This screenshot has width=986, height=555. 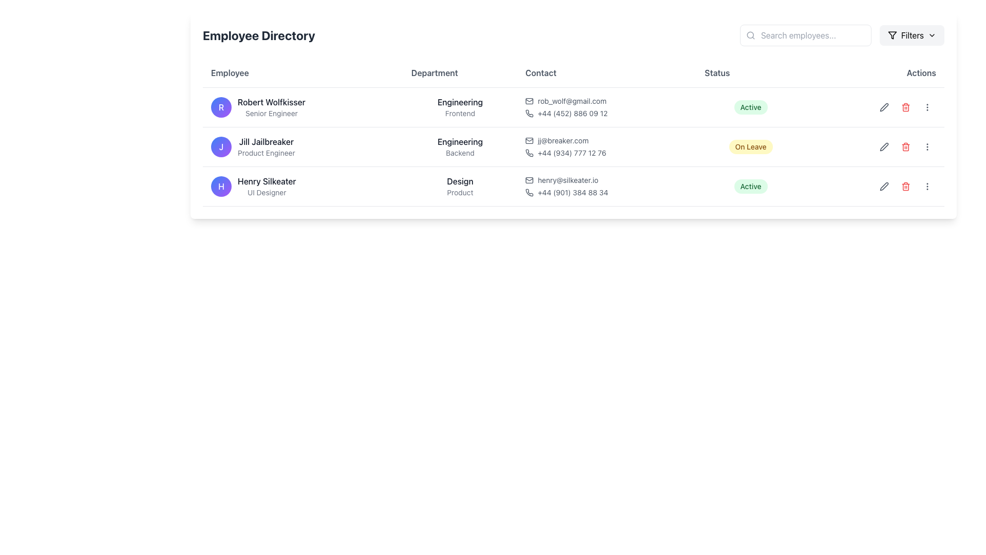 I want to click on the menu trigger icon located in the 'Actions' column of the 'Employee Directory' table for Jill Jailbreaker, so click(x=927, y=107).